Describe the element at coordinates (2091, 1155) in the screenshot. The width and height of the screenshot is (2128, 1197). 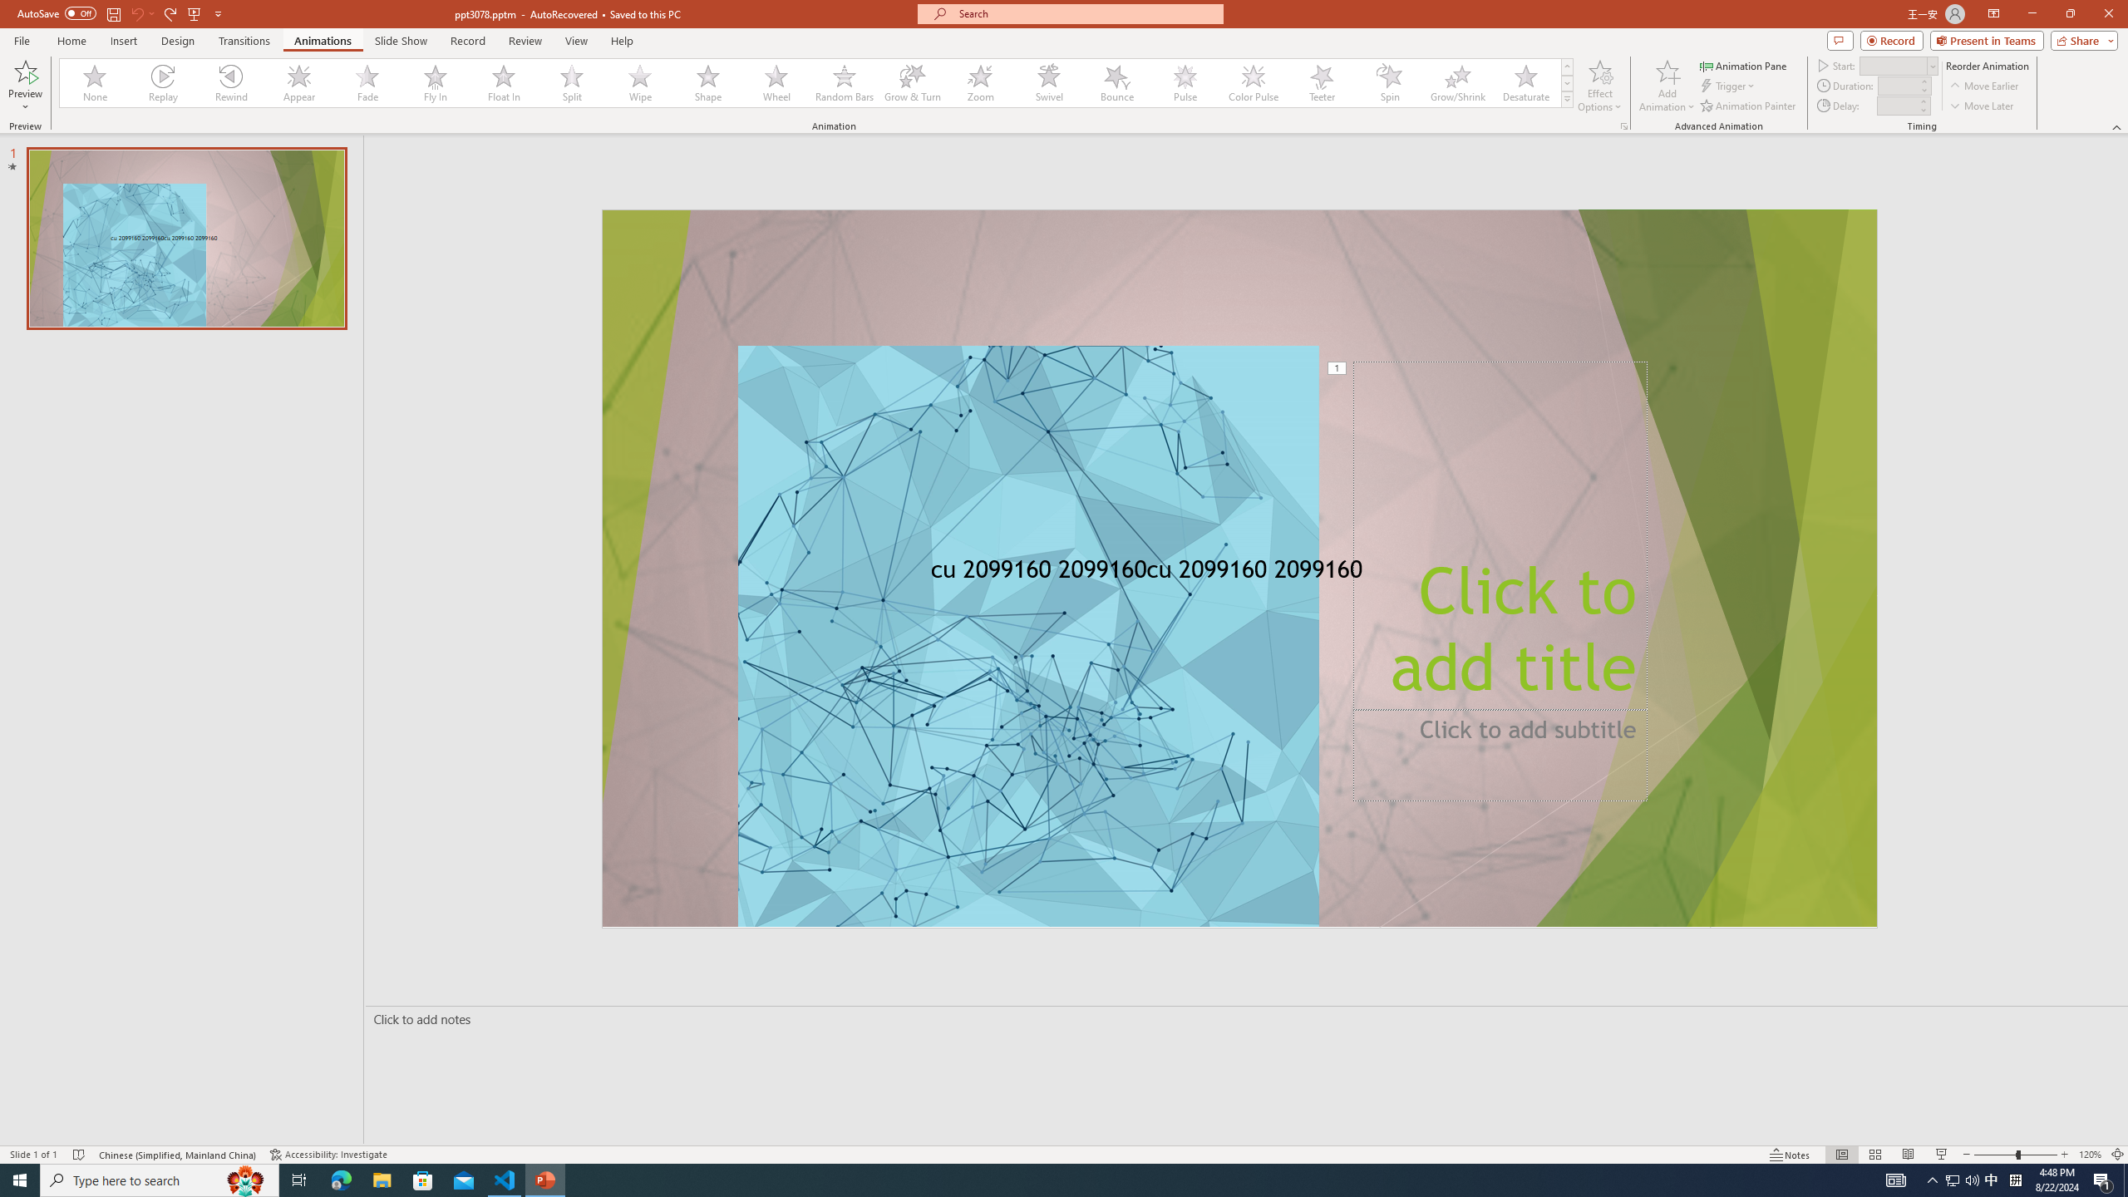
I see `'Zoom 120%'` at that location.